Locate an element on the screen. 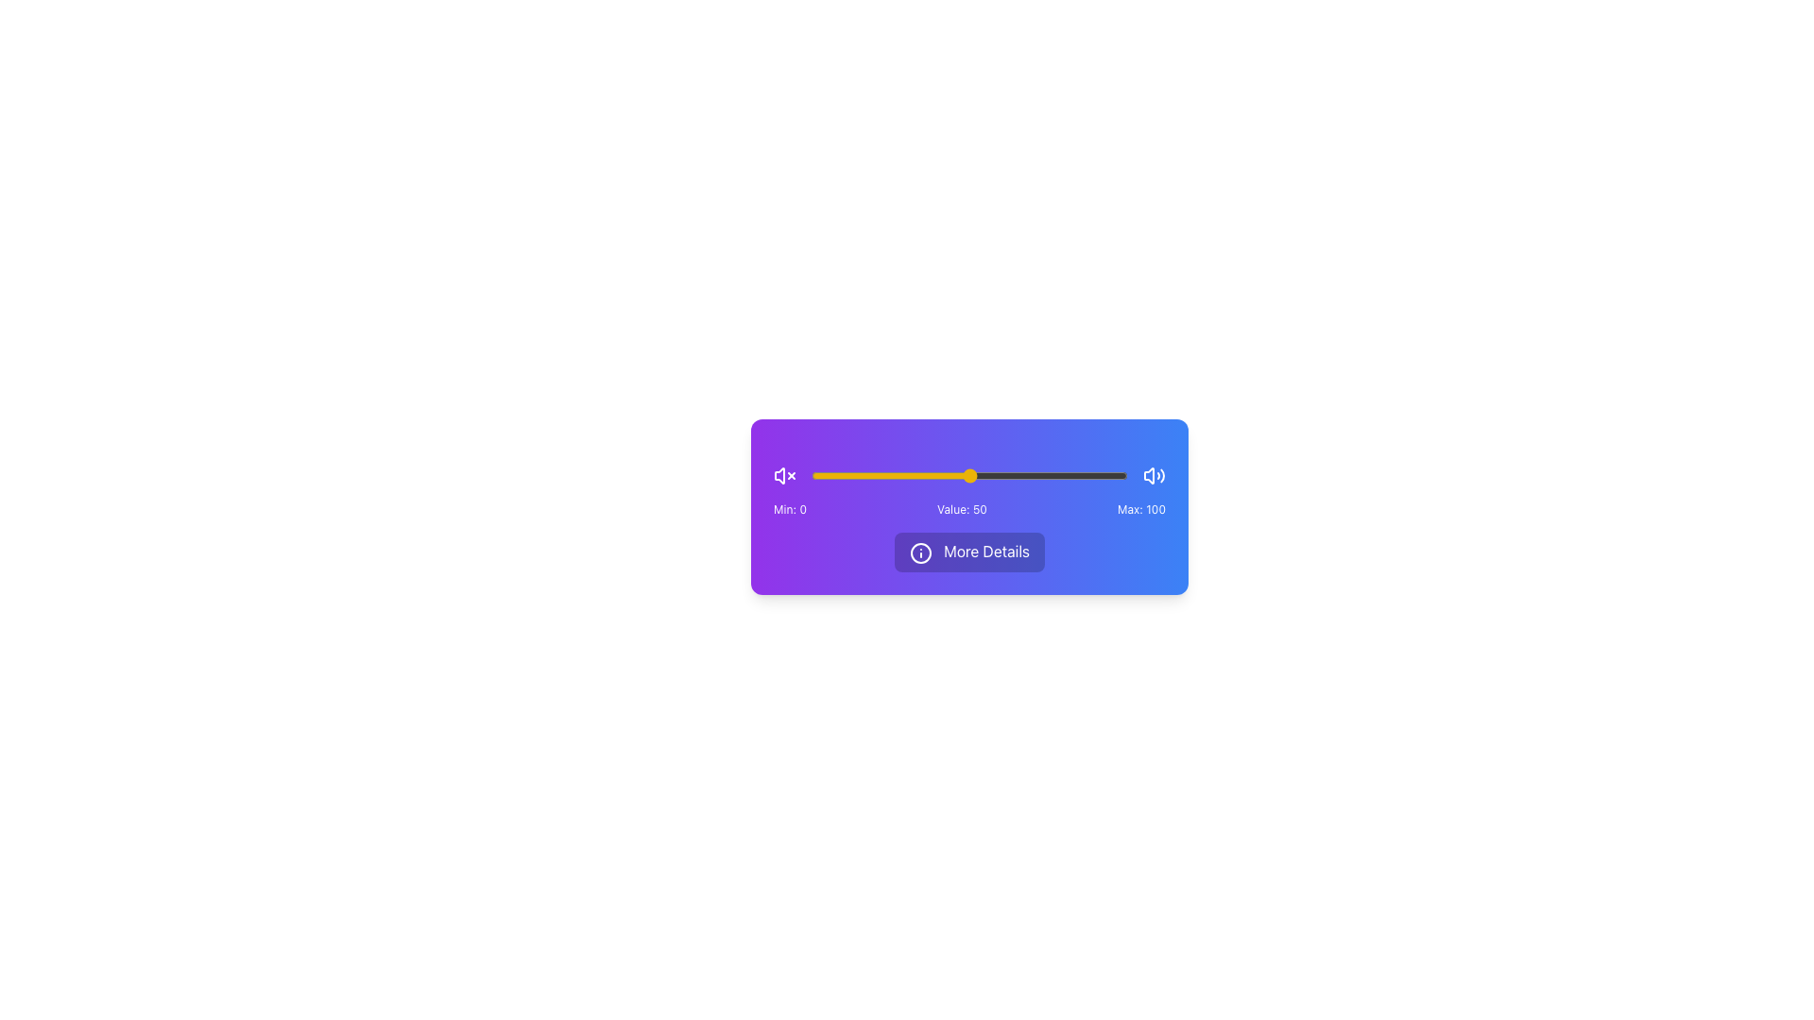 Image resolution: width=1814 pixels, height=1020 pixels. the text label displaying 'Min: 0', which is the first label in a horizontal group of three labels on a purple background is located at coordinates (790, 510).